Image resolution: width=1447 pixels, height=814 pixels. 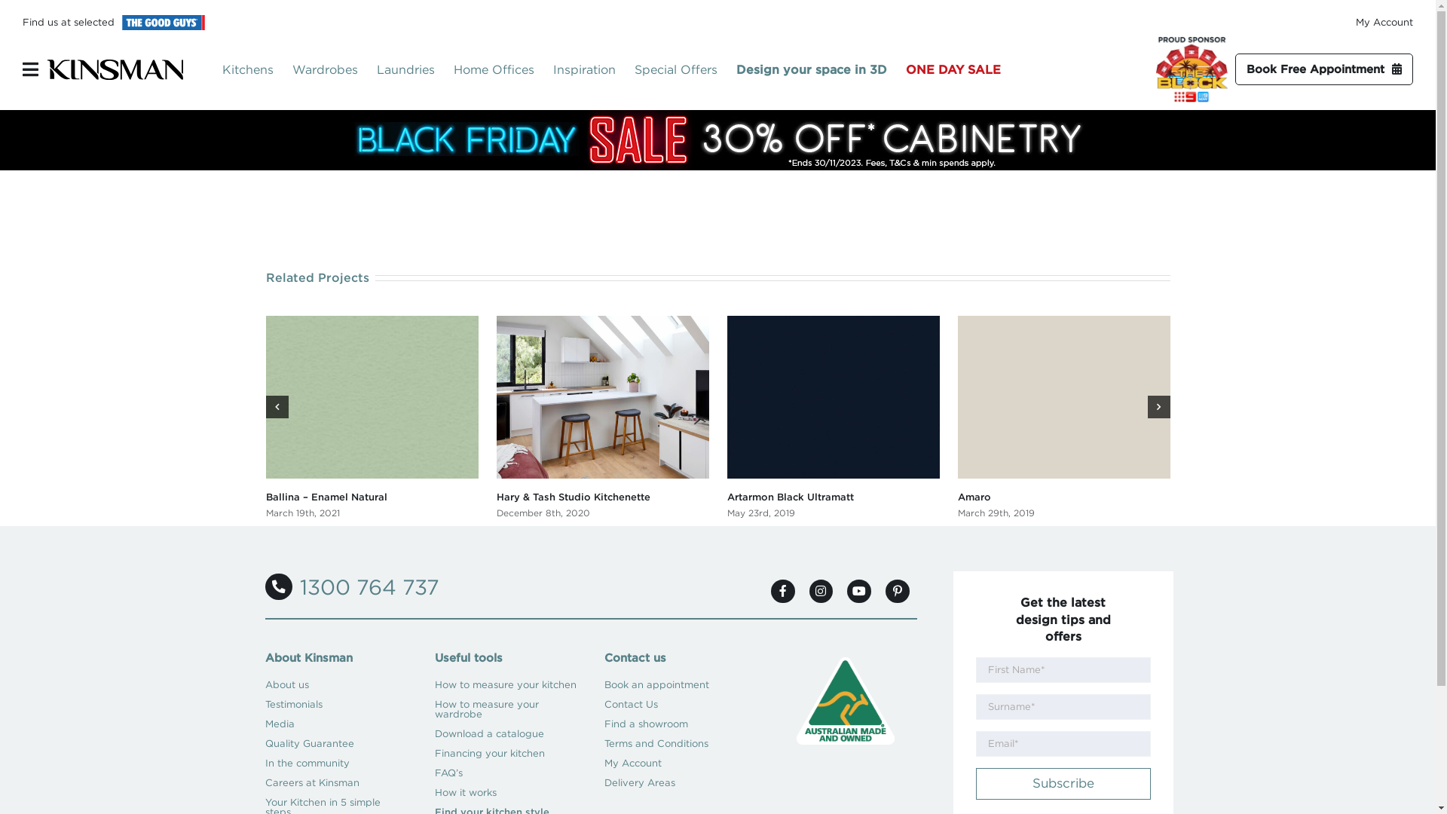 I want to click on 'Wardrobes', so click(x=334, y=69).